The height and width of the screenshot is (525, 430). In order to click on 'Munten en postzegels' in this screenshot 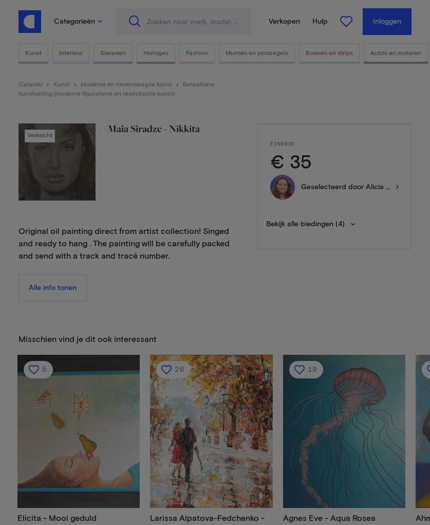, I will do `click(256, 52)`.